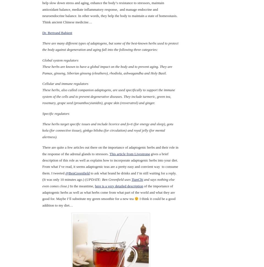  Describe the element at coordinates (81, 185) in the screenshot. I see `'In the meantime,'` at that location.